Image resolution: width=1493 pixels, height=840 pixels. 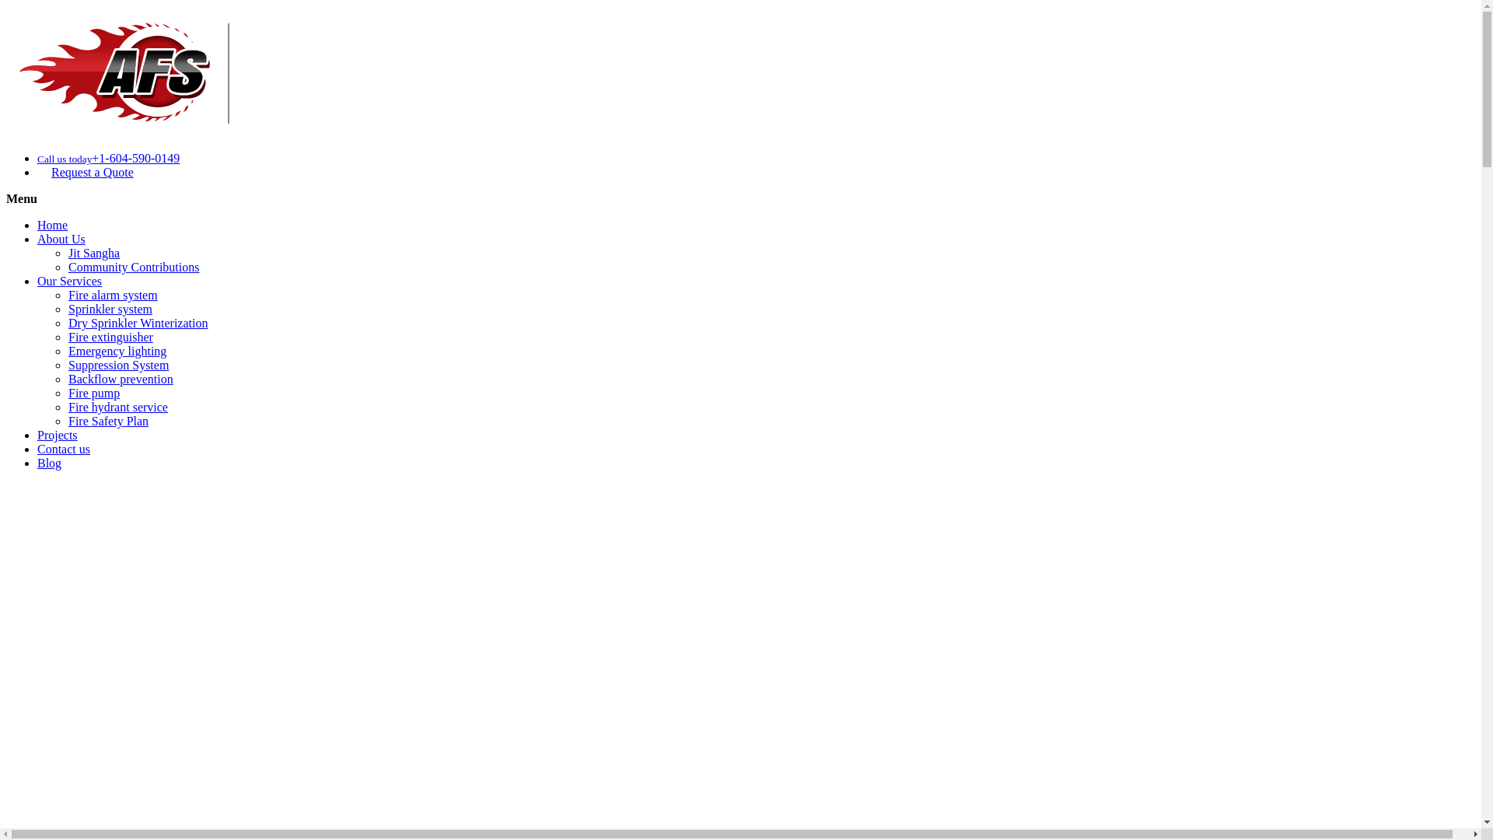 I want to click on 'Fire pump', so click(x=93, y=392).